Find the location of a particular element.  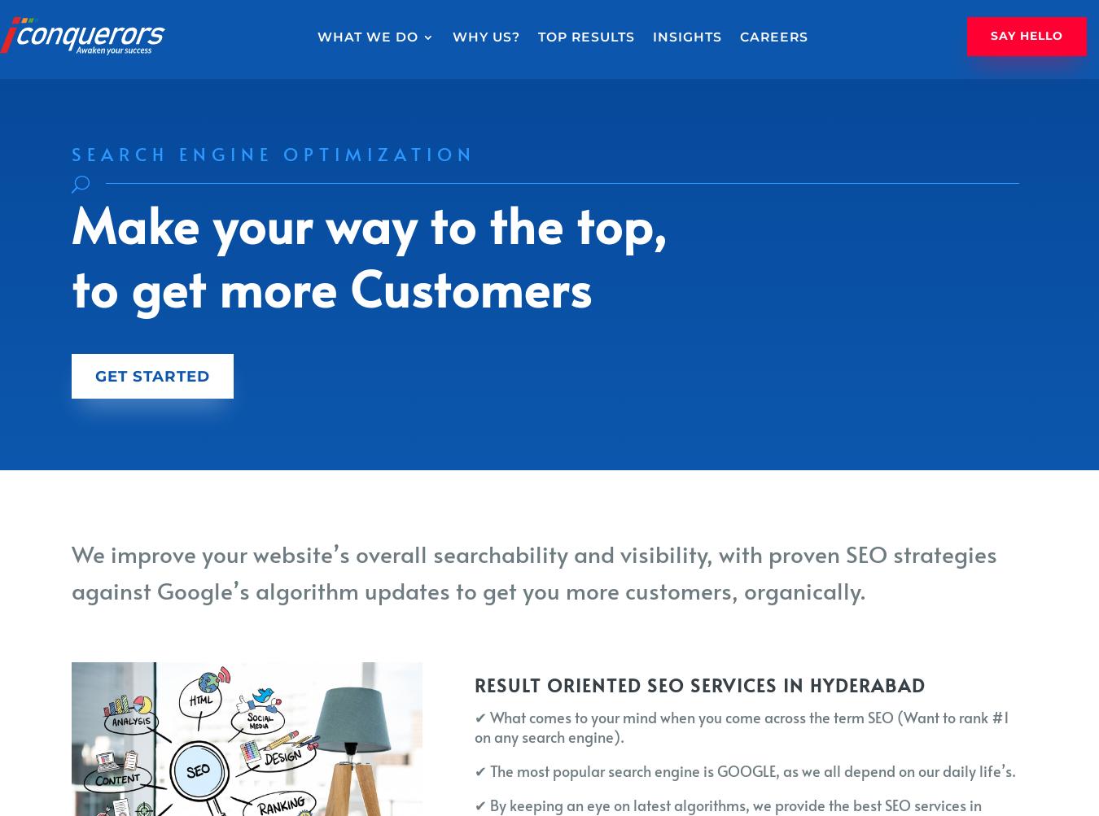

'Say Hello' is located at coordinates (1027, 36).